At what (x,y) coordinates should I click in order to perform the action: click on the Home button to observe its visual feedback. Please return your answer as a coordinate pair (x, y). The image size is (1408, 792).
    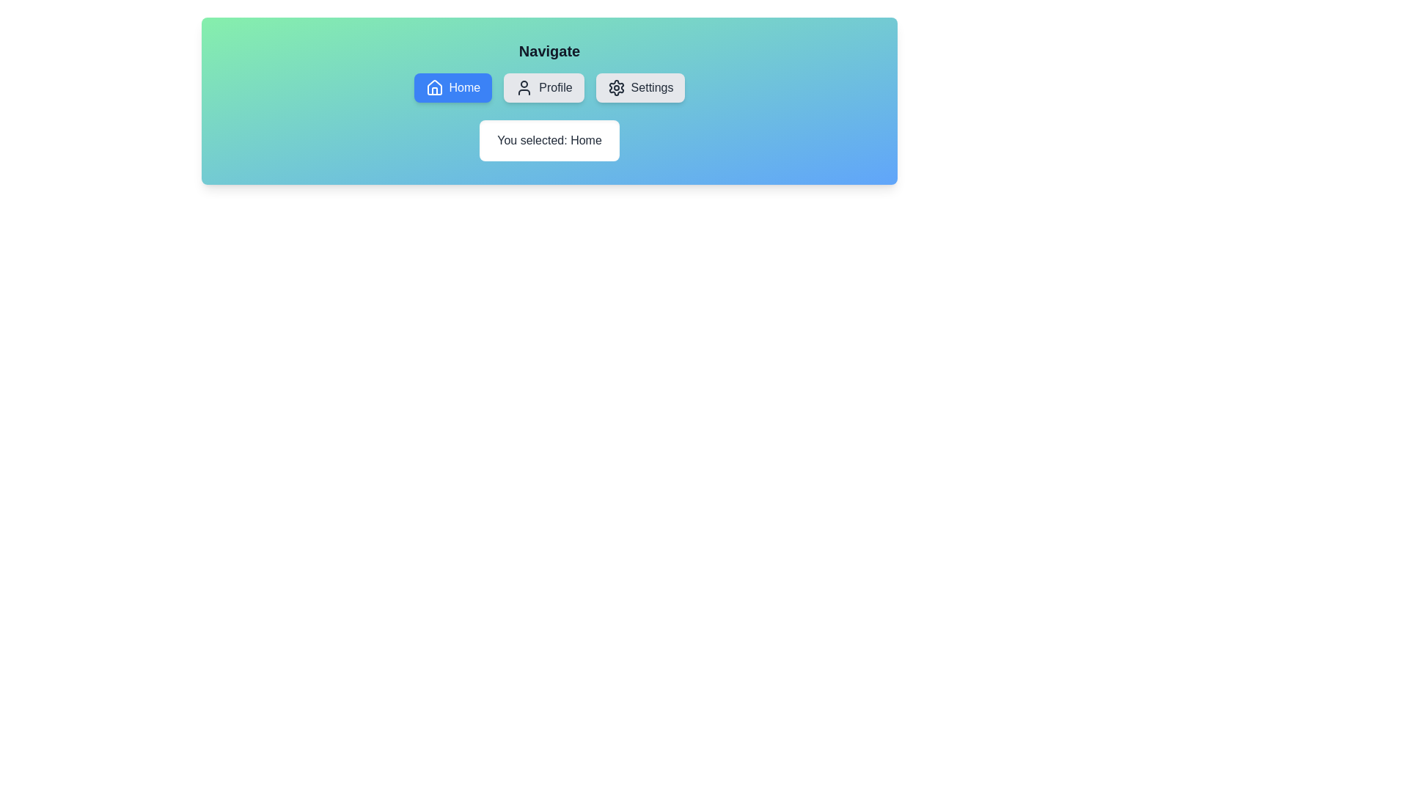
    Looking at the image, I should click on (452, 87).